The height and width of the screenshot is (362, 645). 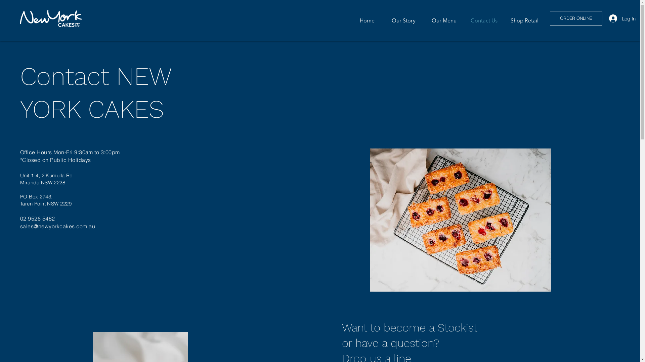 What do you see at coordinates (522, 20) in the screenshot?
I see `'Shop Retail'` at bounding box center [522, 20].